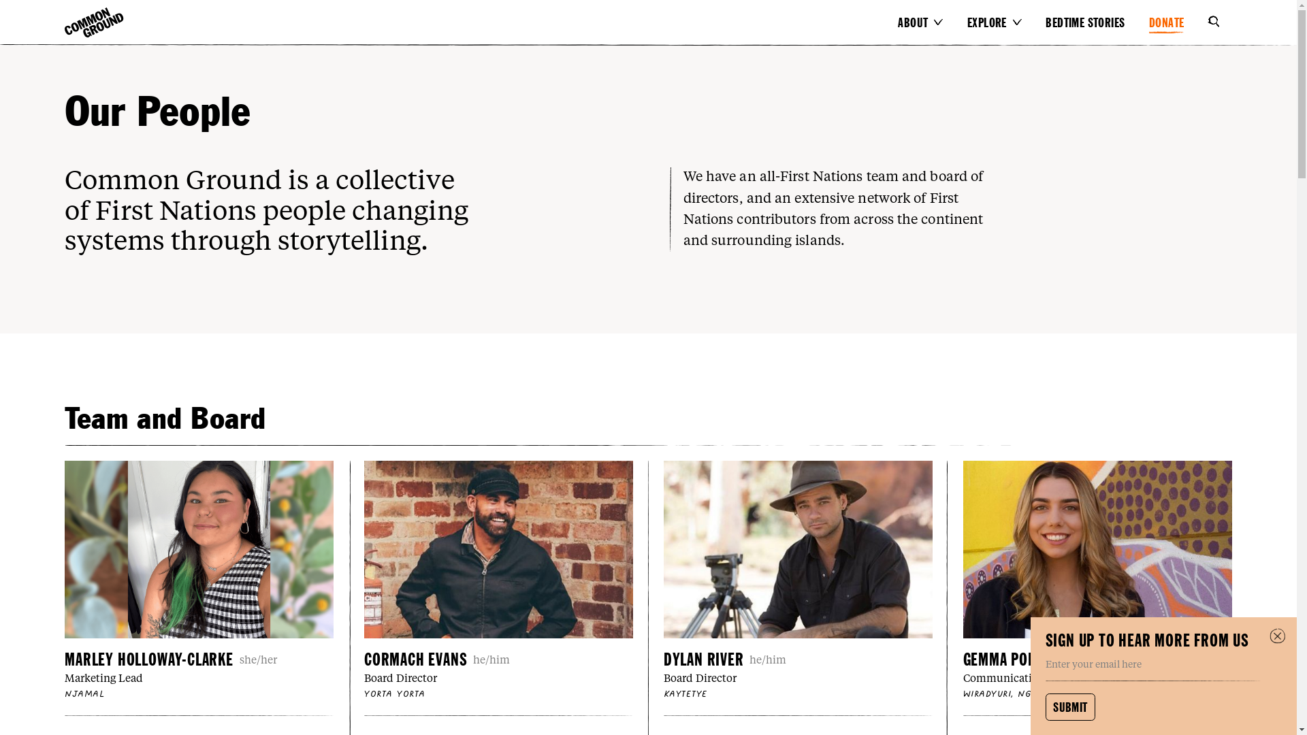  I want to click on 'BEDTIME STORIES', so click(1095, 22).